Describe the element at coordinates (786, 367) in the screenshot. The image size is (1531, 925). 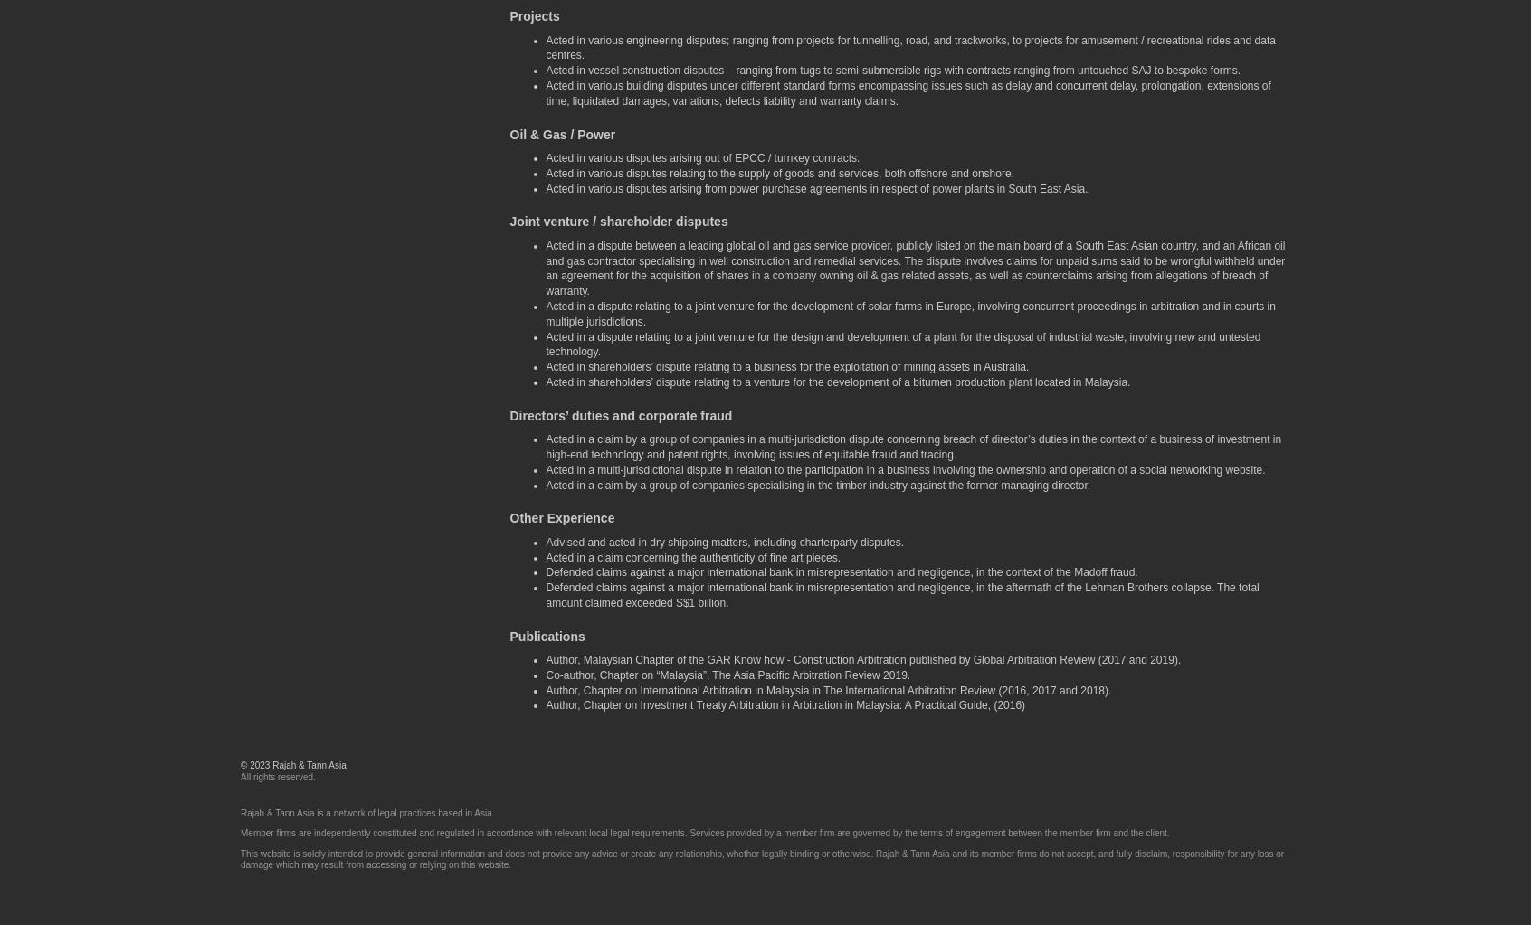
I see `'Acted in shareholders’ dispute relating to a business for the exploitation of mining assets in Australia.'` at that location.